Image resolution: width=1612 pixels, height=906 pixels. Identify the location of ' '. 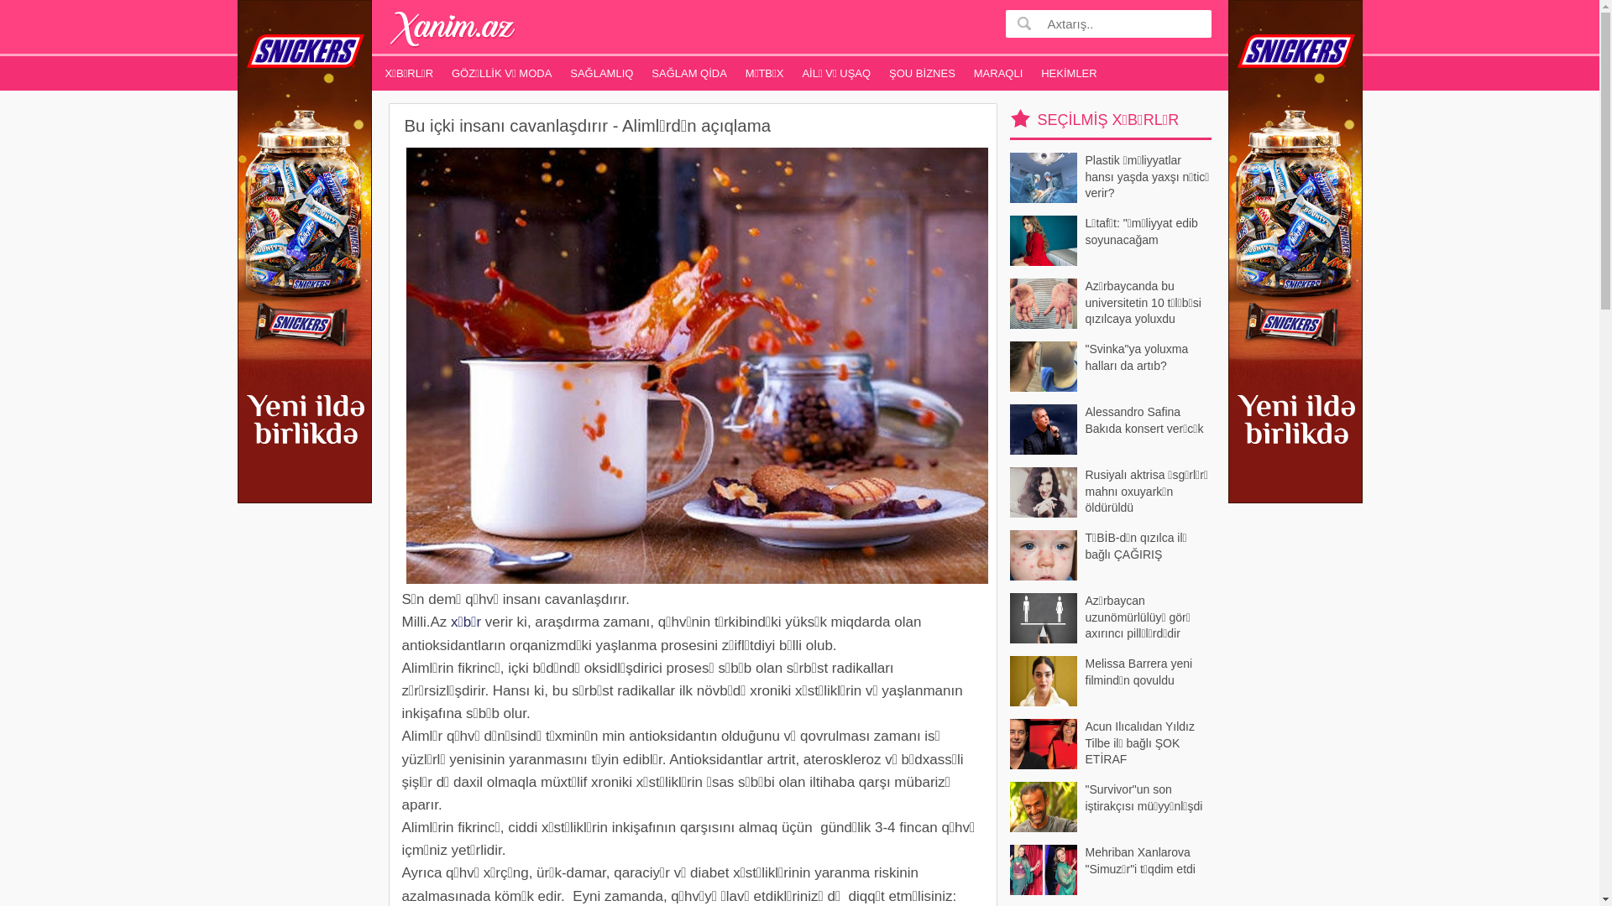
(1013, 23).